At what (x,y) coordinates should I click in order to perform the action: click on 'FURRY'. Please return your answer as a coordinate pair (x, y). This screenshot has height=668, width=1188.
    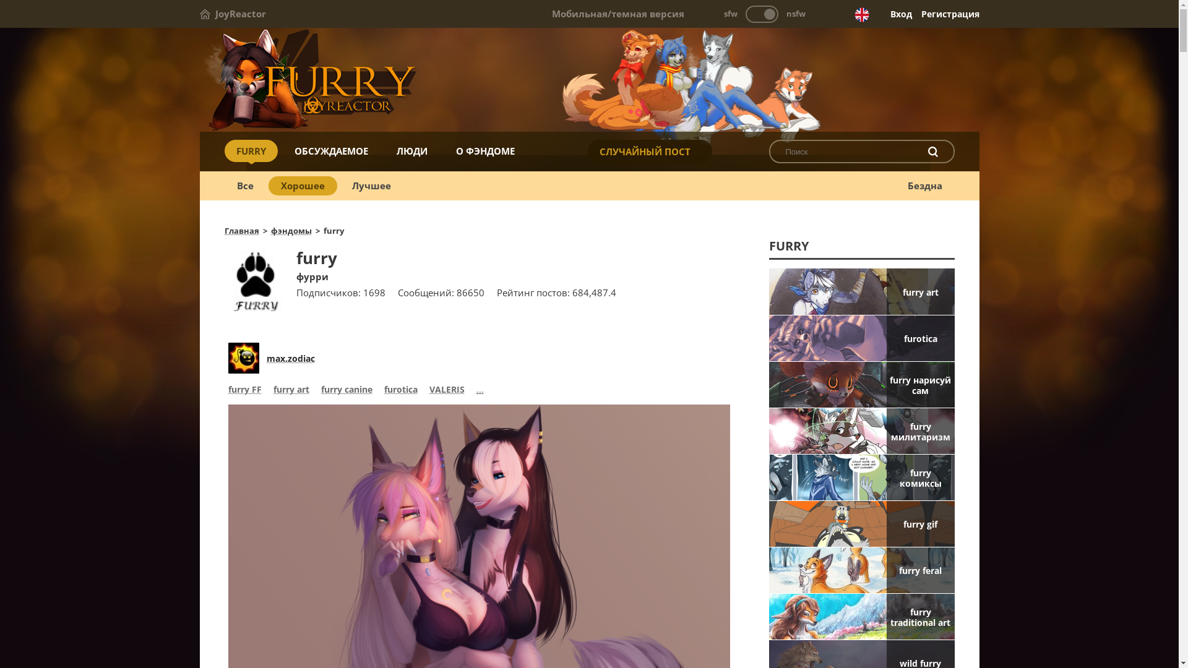
    Looking at the image, I should click on (249, 150).